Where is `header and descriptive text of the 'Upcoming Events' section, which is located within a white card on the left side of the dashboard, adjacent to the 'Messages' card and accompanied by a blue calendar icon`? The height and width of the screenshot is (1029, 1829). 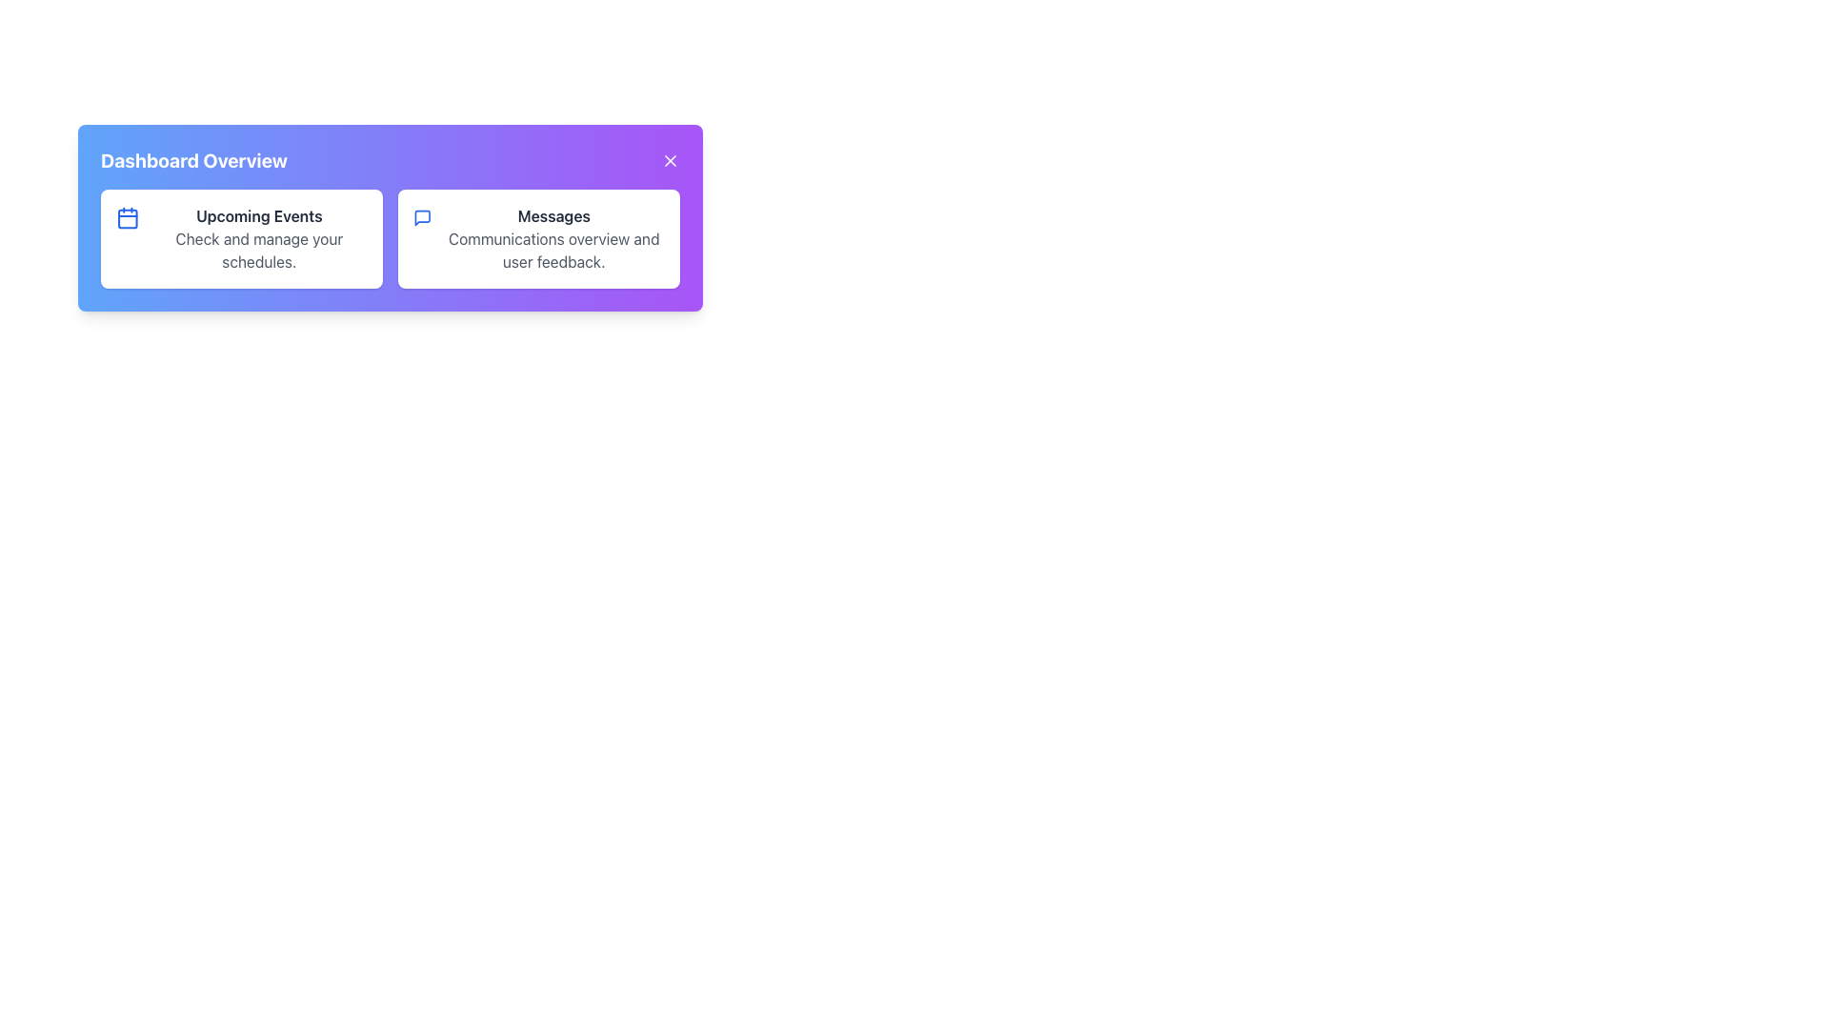 header and descriptive text of the 'Upcoming Events' section, which is located within a white card on the left side of the dashboard, adjacent to the 'Messages' card and accompanied by a blue calendar icon is located at coordinates (258, 237).